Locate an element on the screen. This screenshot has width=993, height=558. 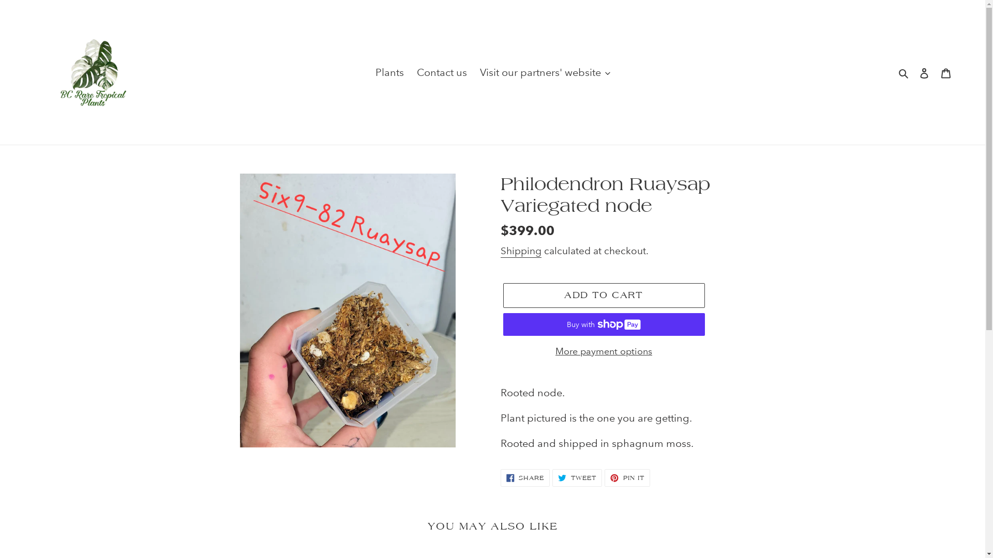
'Search' is located at coordinates (895, 71).